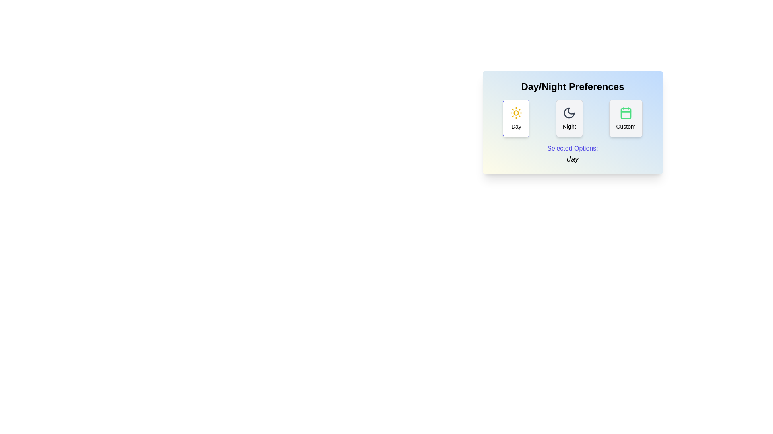  I want to click on the visual elements for the option Night to inspect its icon and label, so click(569, 118).